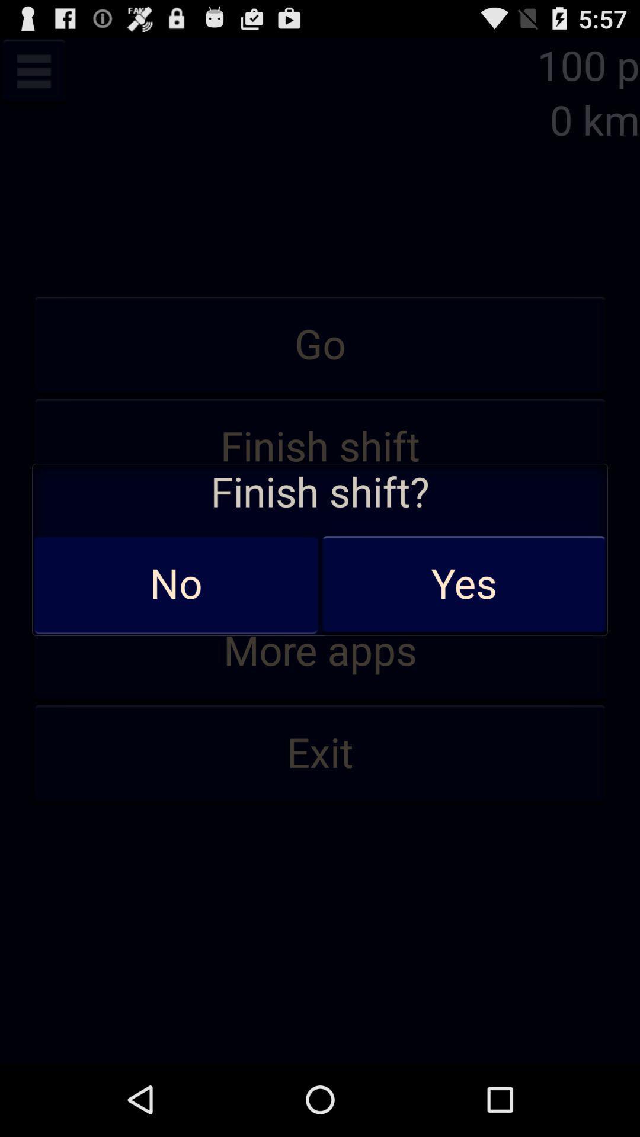 The image size is (640, 1137). What do you see at coordinates (320, 651) in the screenshot?
I see `more apps item` at bounding box center [320, 651].